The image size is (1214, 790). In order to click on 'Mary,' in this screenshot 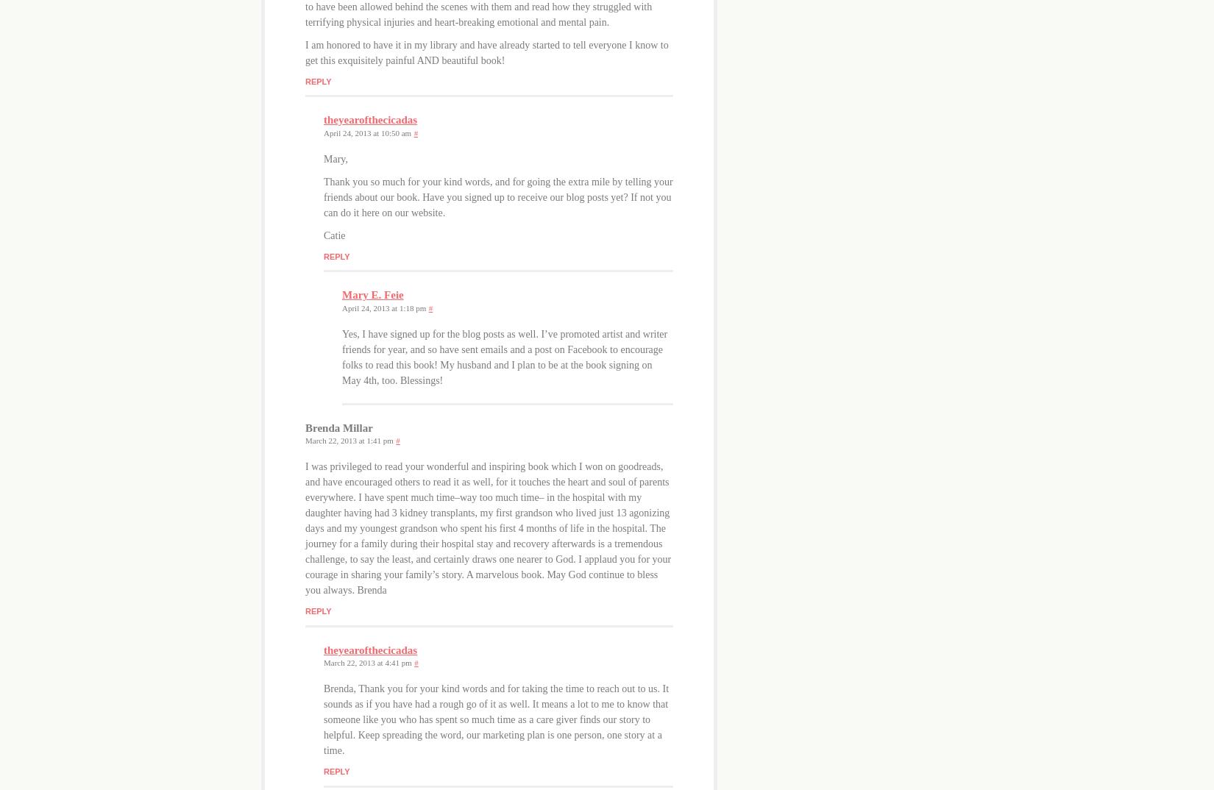, I will do `click(335, 157)`.